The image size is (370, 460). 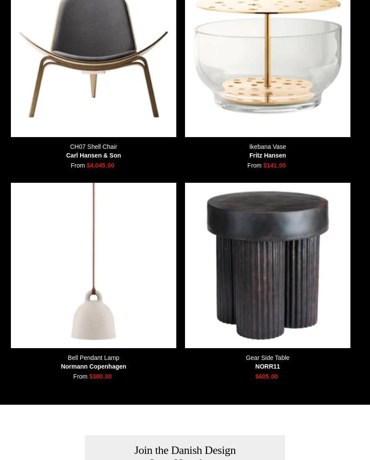 What do you see at coordinates (93, 357) in the screenshot?
I see `'Bell Pendant Lamp'` at bounding box center [93, 357].